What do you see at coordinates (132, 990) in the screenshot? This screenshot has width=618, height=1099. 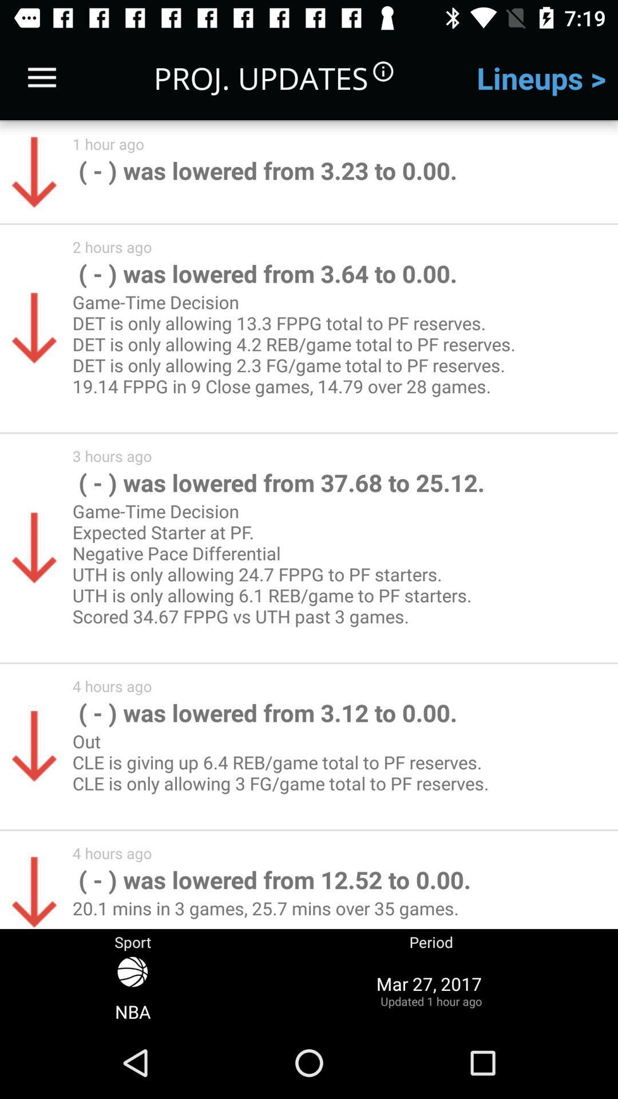 I see `the nba` at bounding box center [132, 990].